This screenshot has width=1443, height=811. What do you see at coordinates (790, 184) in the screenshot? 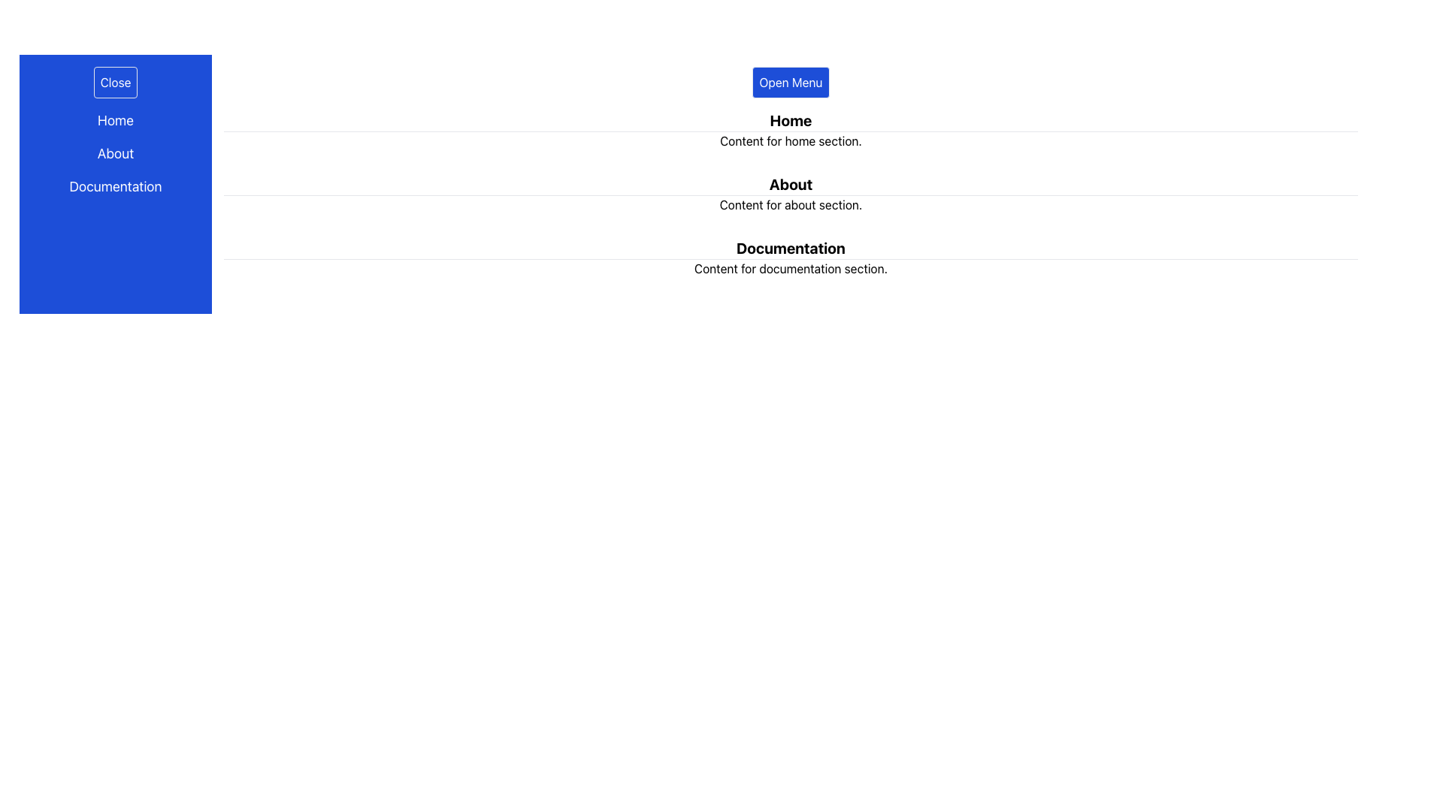
I see `the 'About' section title Text Label, which is positioned between the 'Home' and 'Documentation' sections in a vertically stacked layout` at bounding box center [790, 184].